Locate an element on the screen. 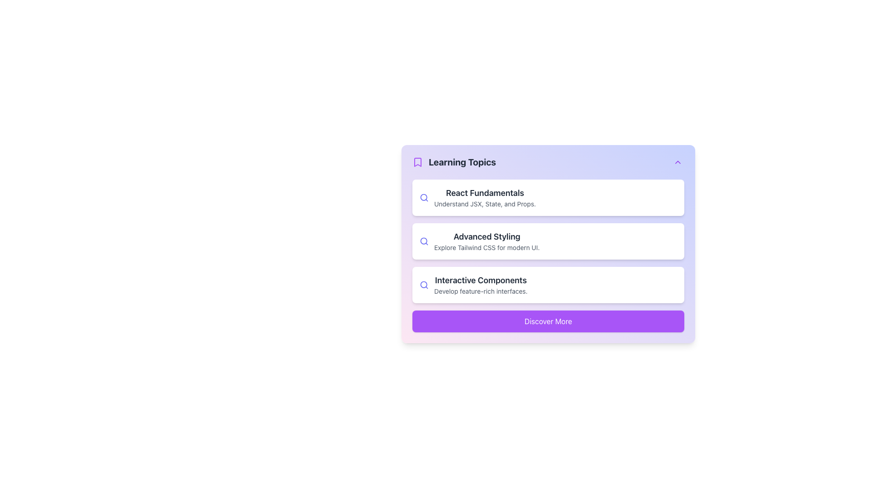 The width and height of the screenshot is (873, 491). the list item labeled 'Advanced Styling' located is located at coordinates (547, 256).